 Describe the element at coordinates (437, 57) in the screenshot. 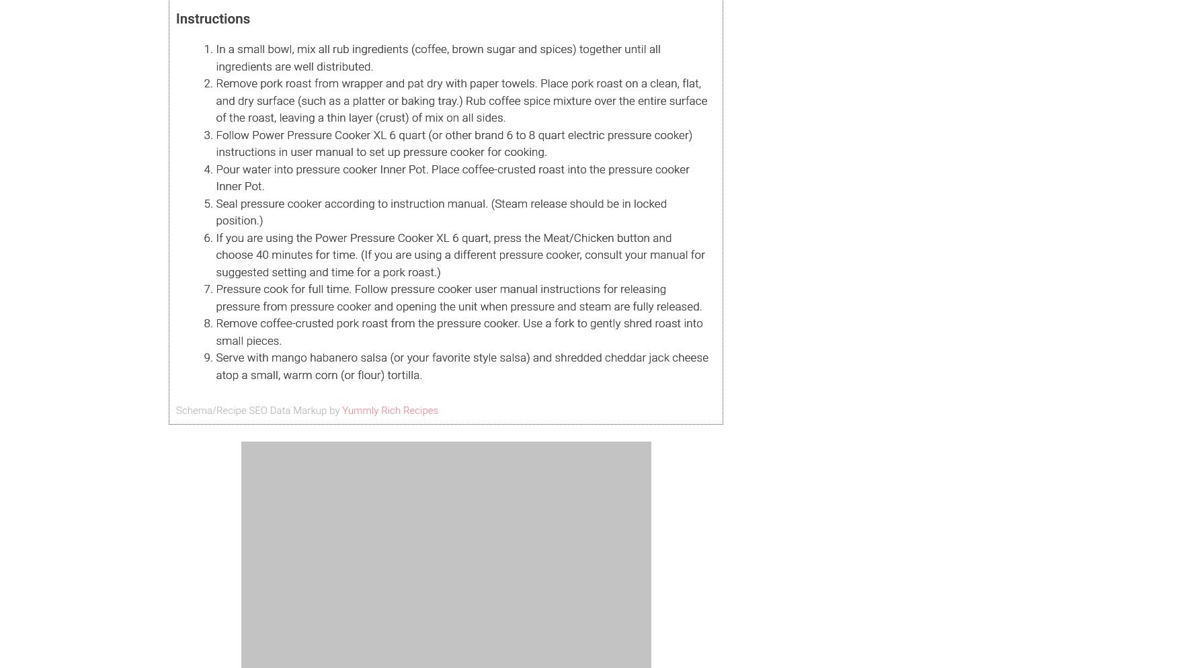

I see `'In a small bowl, mix all rub ingredients (coffee, brown sugar and spices) together until all ingredients are well distributed.'` at that location.